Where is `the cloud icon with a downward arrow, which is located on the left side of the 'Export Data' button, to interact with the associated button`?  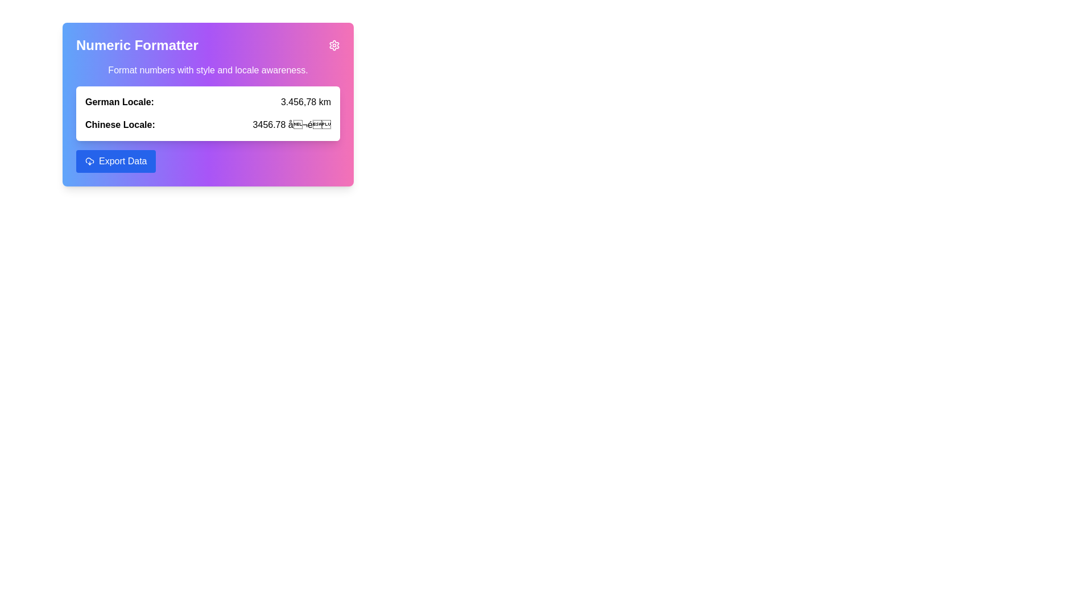
the cloud icon with a downward arrow, which is located on the left side of the 'Export Data' button, to interact with the associated button is located at coordinates (89, 161).